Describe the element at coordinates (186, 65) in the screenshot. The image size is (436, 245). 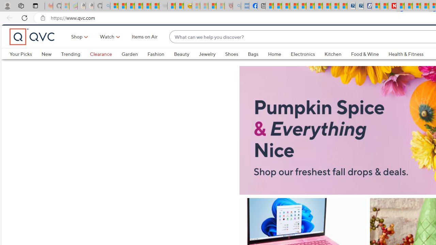
I see `'Beauty'` at that location.